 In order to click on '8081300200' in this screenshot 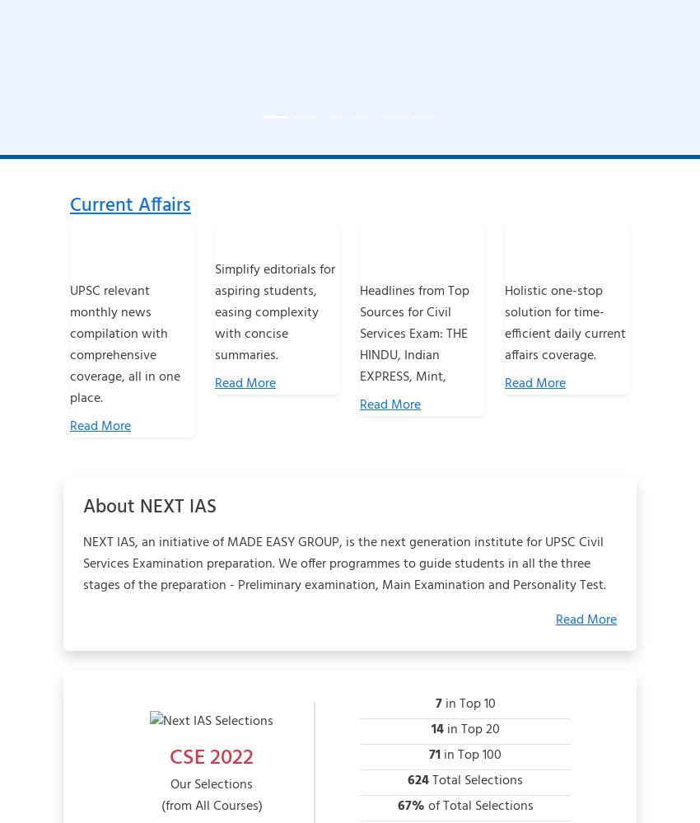, I will do `click(137, 612)`.